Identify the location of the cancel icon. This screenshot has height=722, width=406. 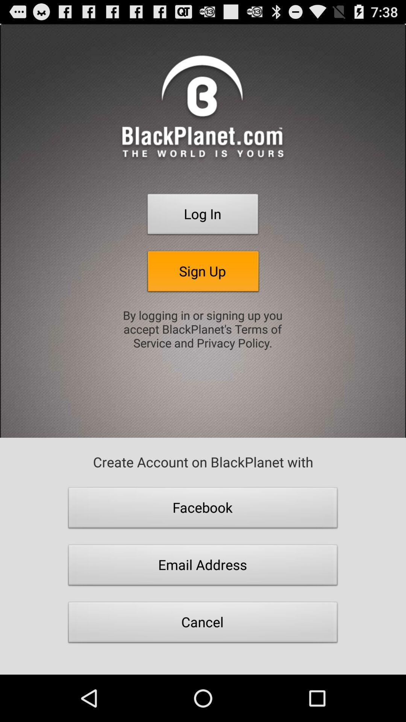
(203, 624).